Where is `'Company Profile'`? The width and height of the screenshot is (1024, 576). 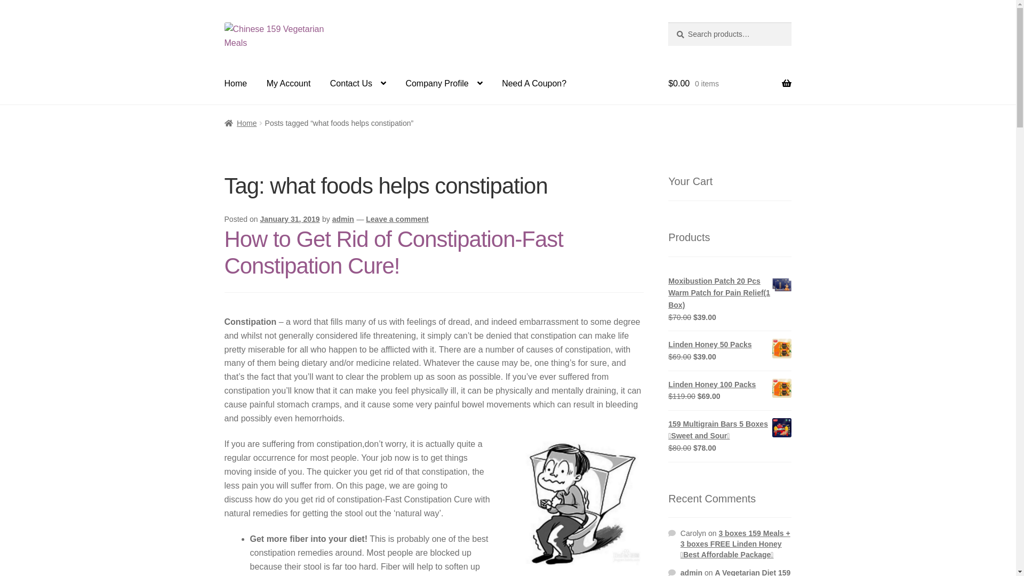 'Company Profile' is located at coordinates (443, 83).